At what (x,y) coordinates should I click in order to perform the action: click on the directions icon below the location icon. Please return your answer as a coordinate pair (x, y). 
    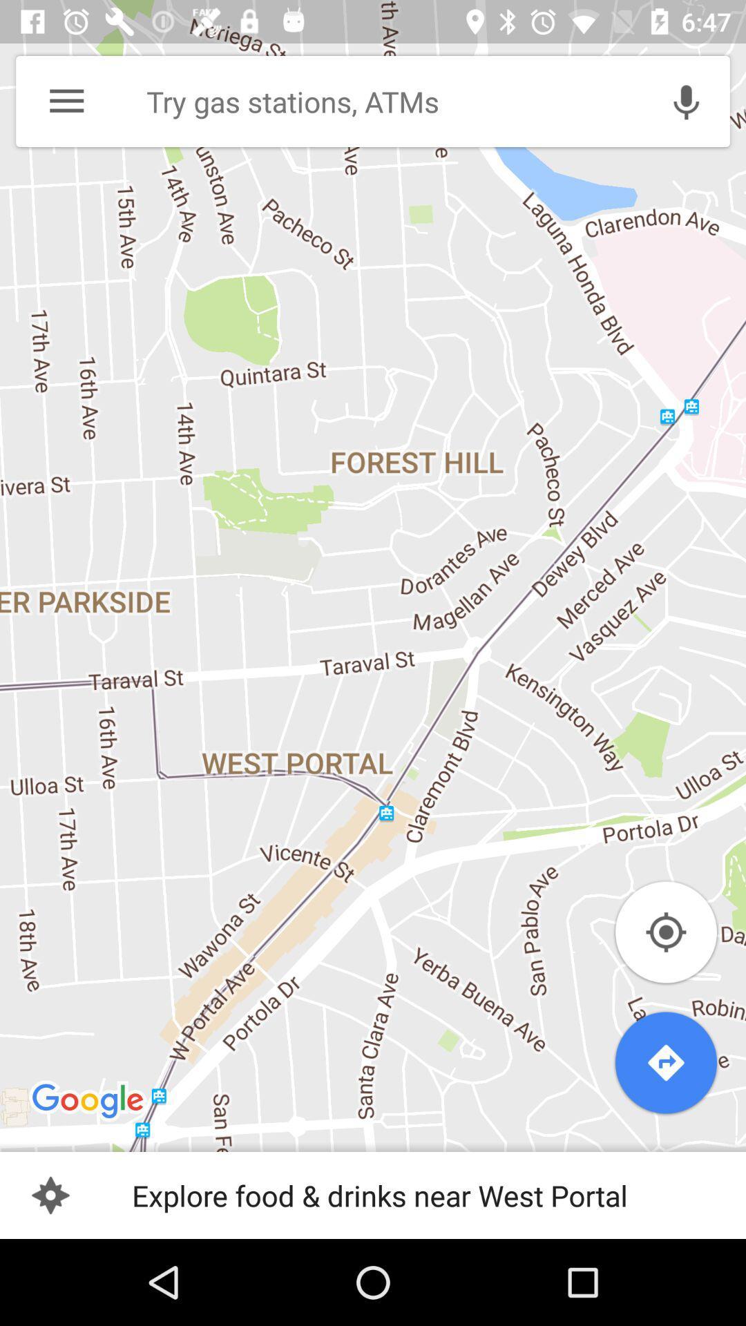
    Looking at the image, I should click on (665, 1062).